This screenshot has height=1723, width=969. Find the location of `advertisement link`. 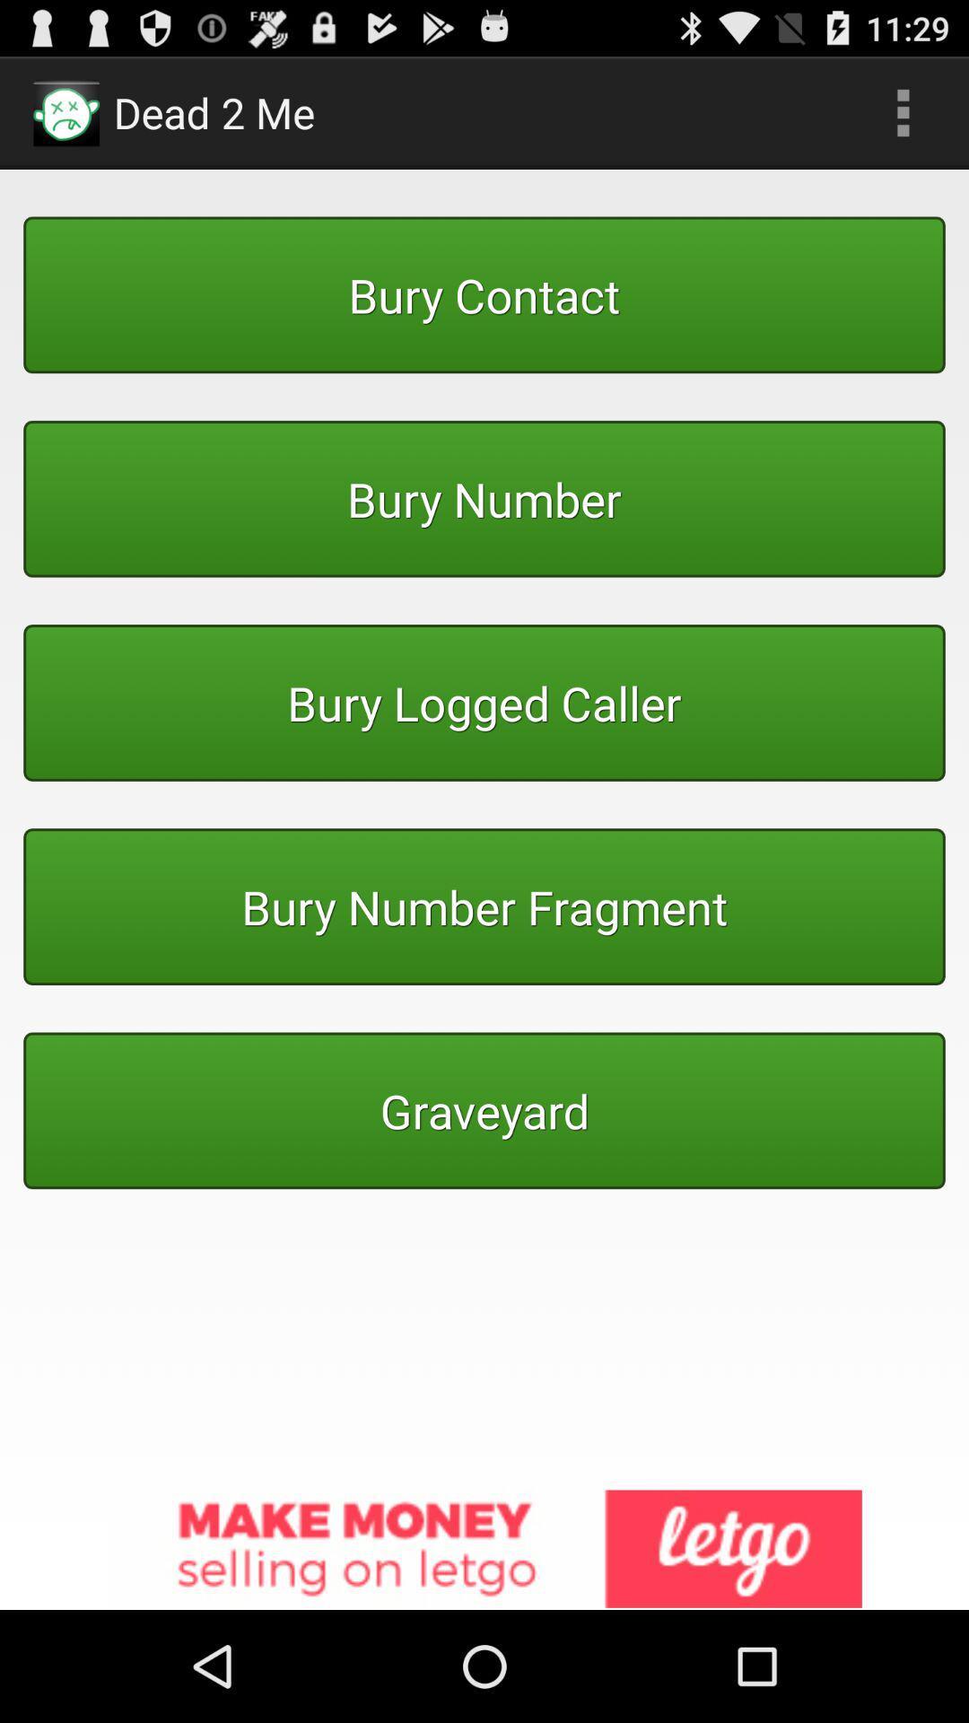

advertisement link is located at coordinates (484, 1549).